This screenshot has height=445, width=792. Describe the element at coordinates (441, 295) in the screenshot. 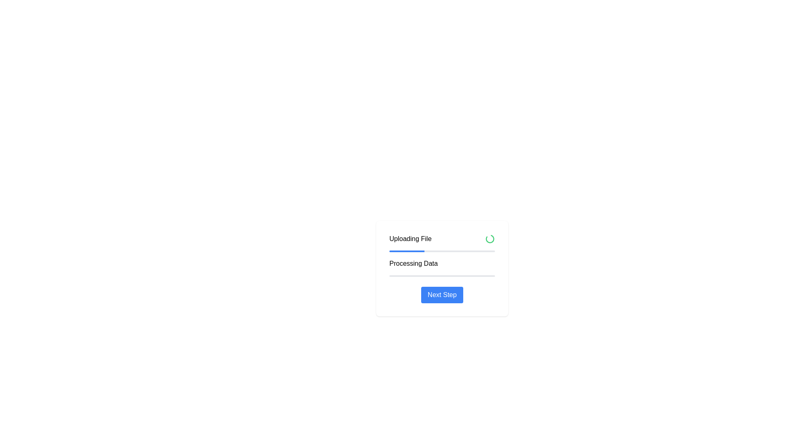

I see `the 'Next Step' button located in the lower section of the card-like interface to proceed with the ongoing workflow` at that location.